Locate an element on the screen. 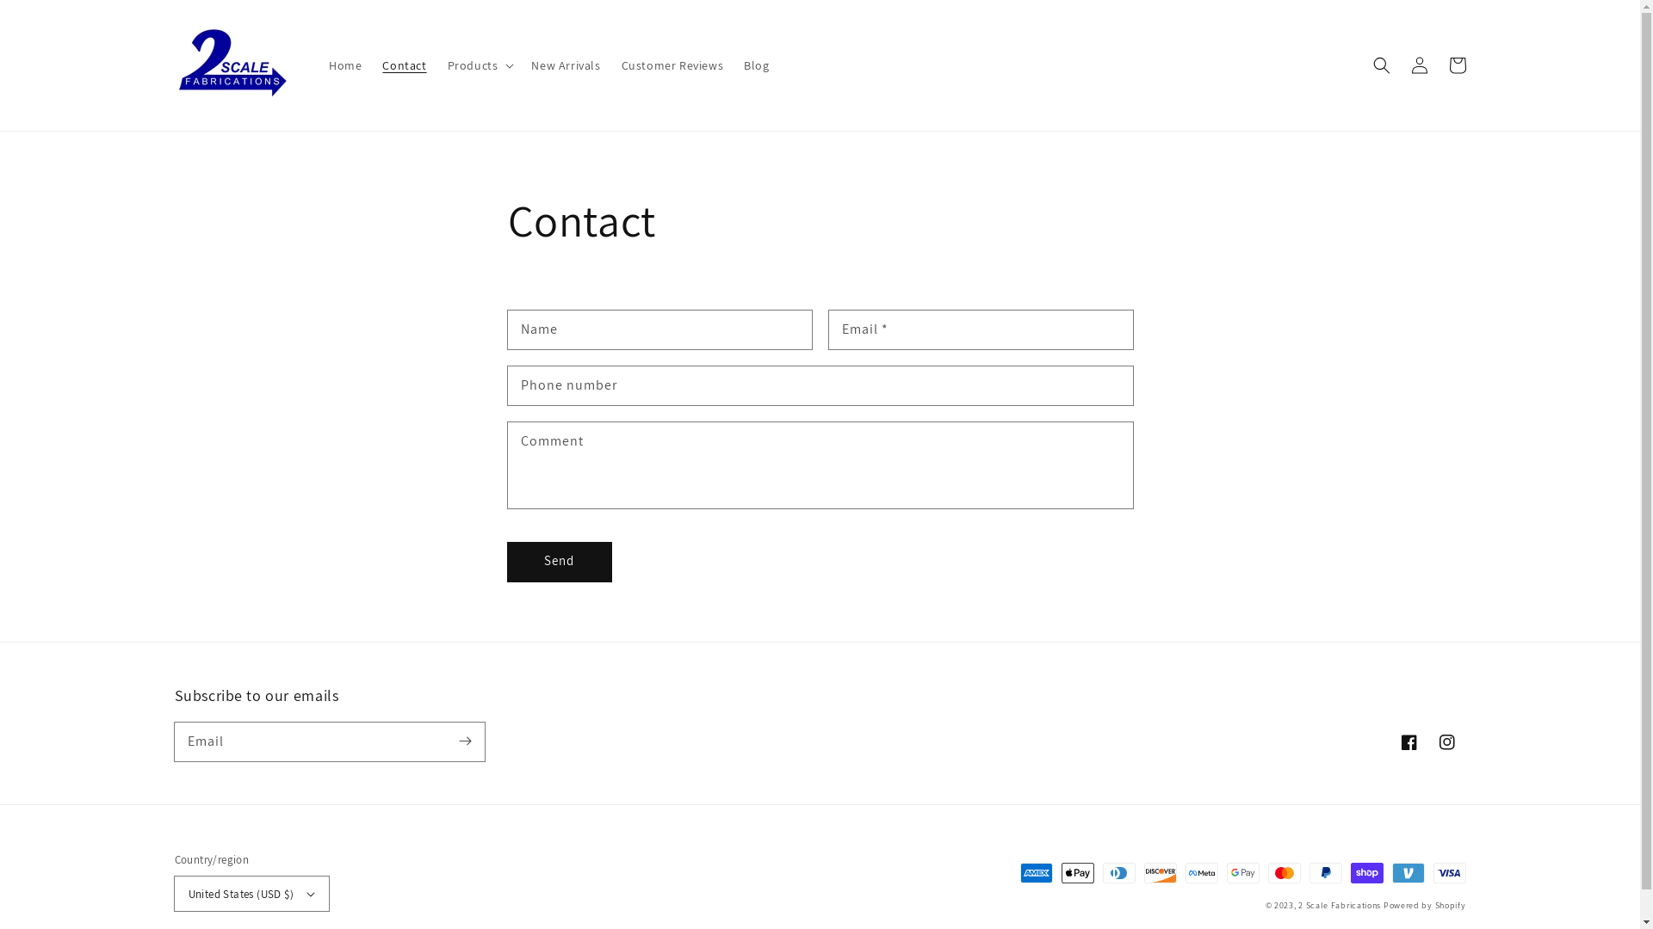  'Instagram' is located at coordinates (1446, 741).